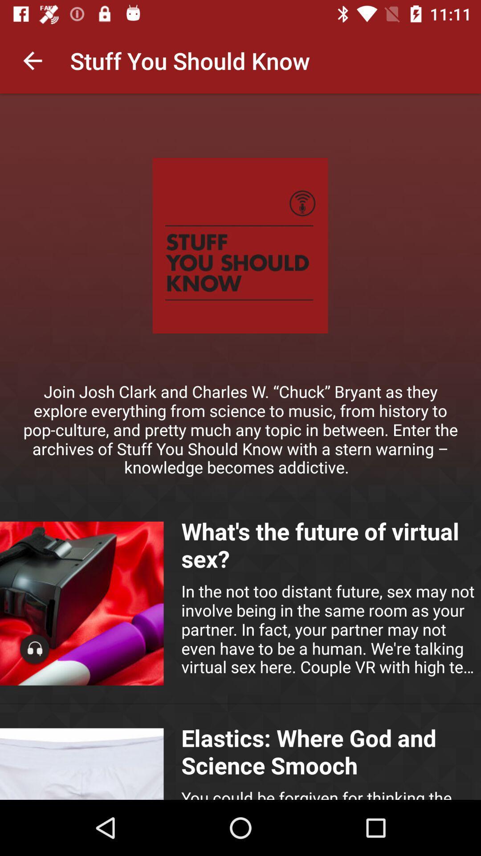 This screenshot has width=481, height=856. What do you see at coordinates (82, 763) in the screenshot?
I see `image` at bounding box center [82, 763].